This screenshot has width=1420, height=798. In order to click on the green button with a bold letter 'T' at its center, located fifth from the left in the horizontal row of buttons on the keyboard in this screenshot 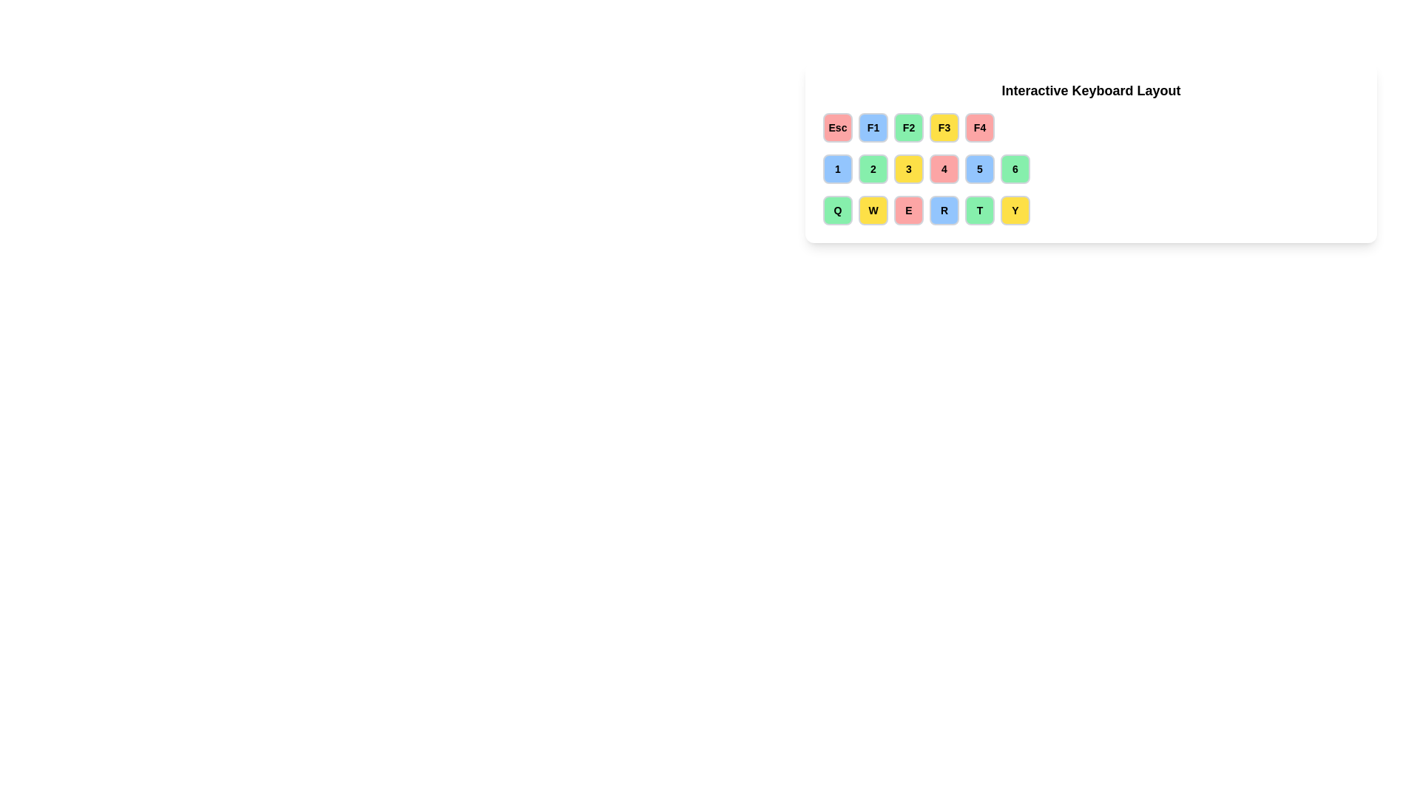, I will do `click(979, 211)`.